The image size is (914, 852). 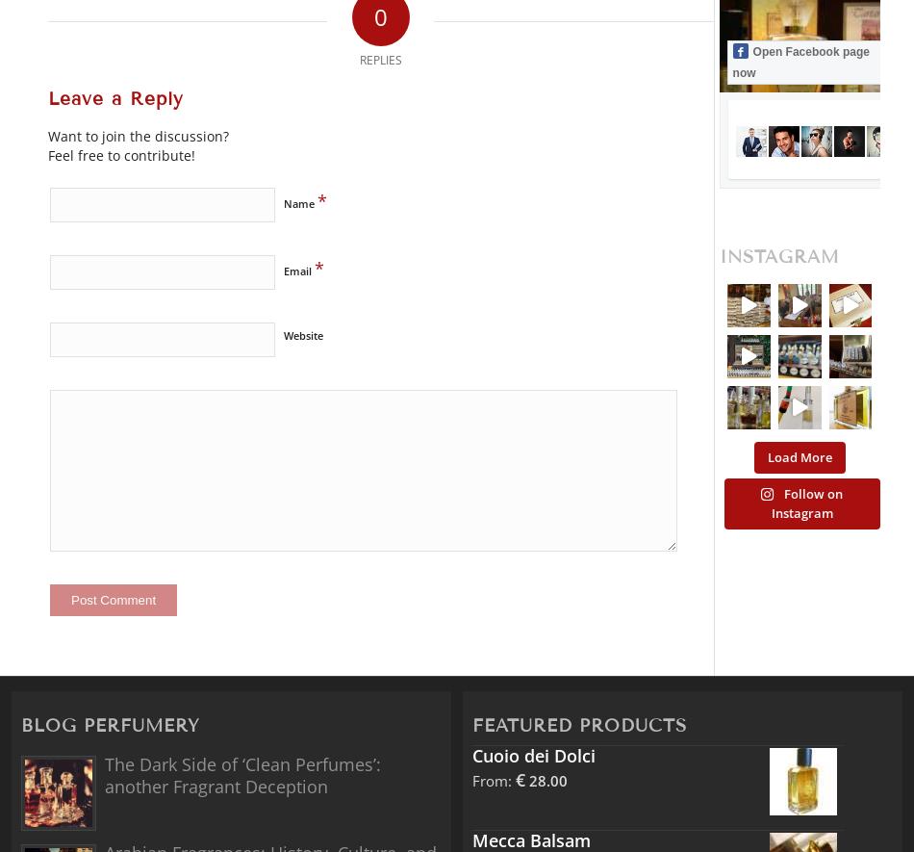 What do you see at coordinates (139, 134) in the screenshot?
I see `'Want to join the discussion?'` at bounding box center [139, 134].